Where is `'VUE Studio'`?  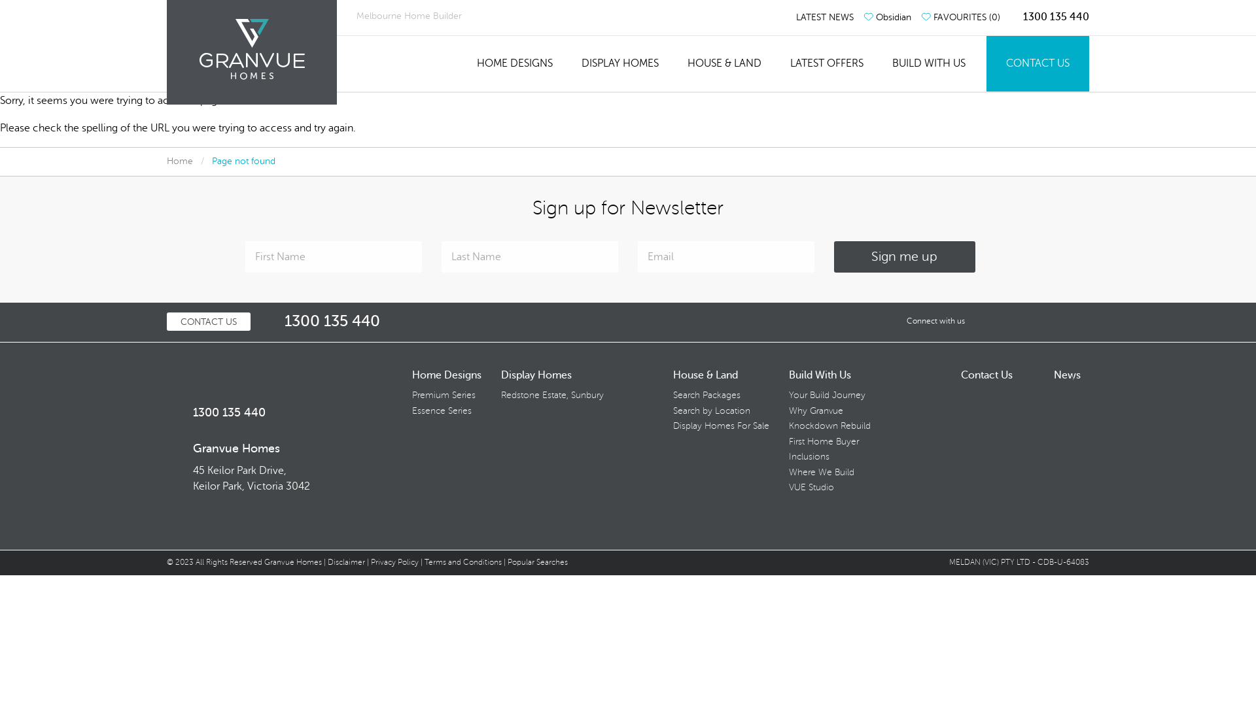 'VUE Studio' is located at coordinates (811, 487).